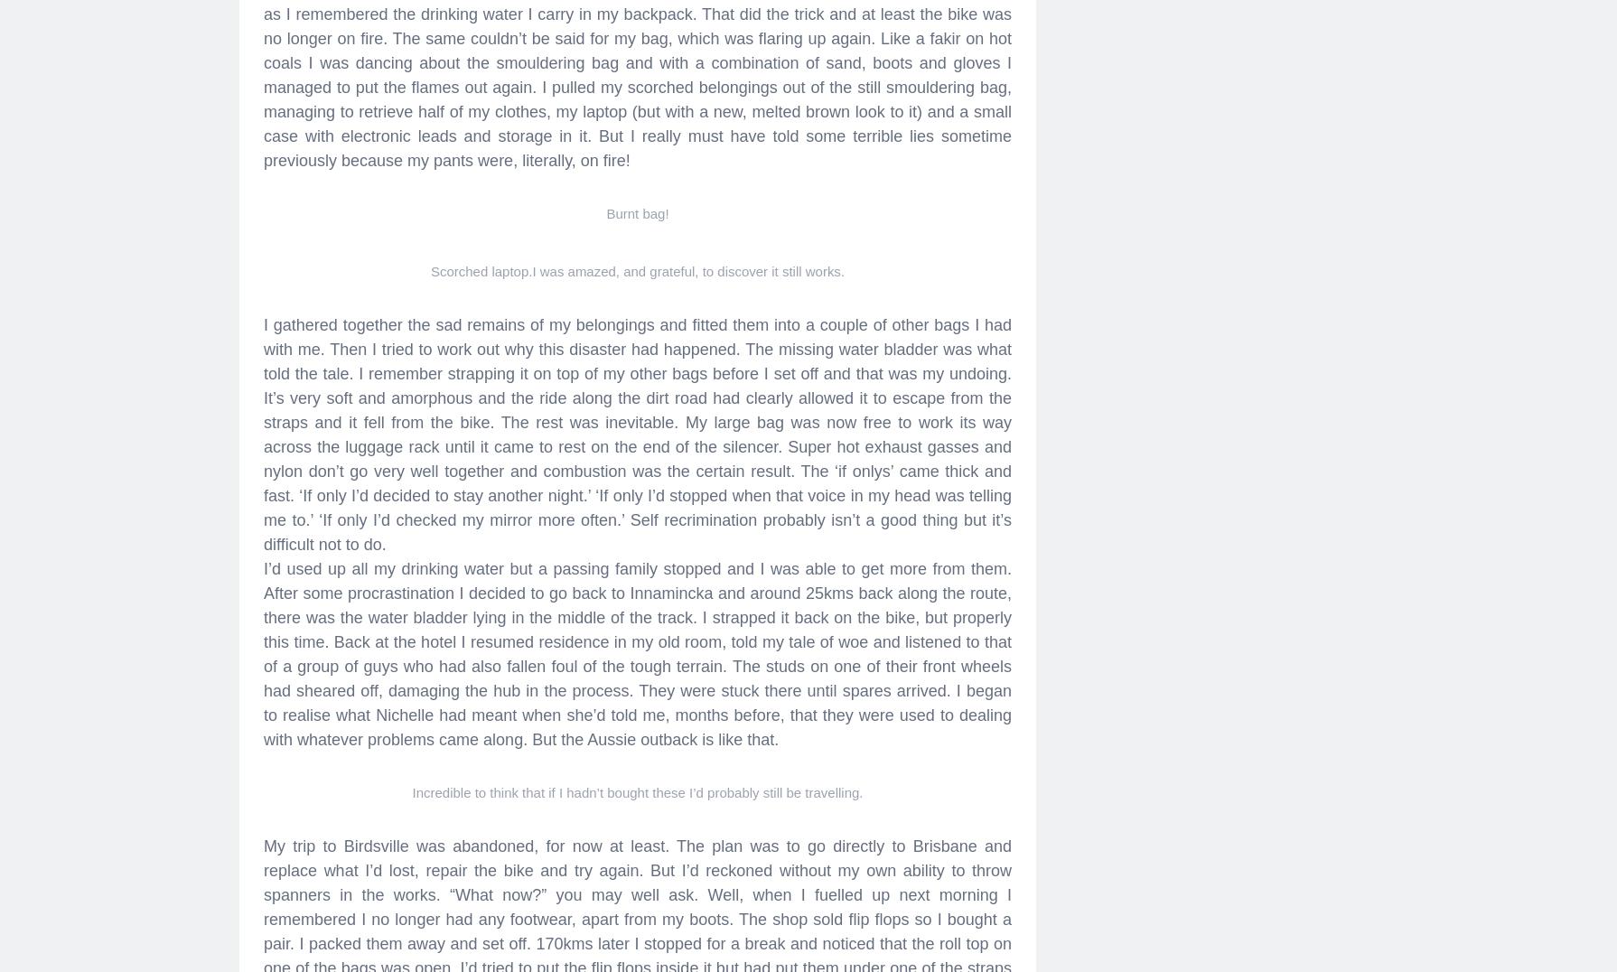 This screenshot has height=972, width=1617. What do you see at coordinates (501, 119) in the screenshot?
I see `'“Yes but Arrabur is only another 30kms and there might be coffee.”'` at bounding box center [501, 119].